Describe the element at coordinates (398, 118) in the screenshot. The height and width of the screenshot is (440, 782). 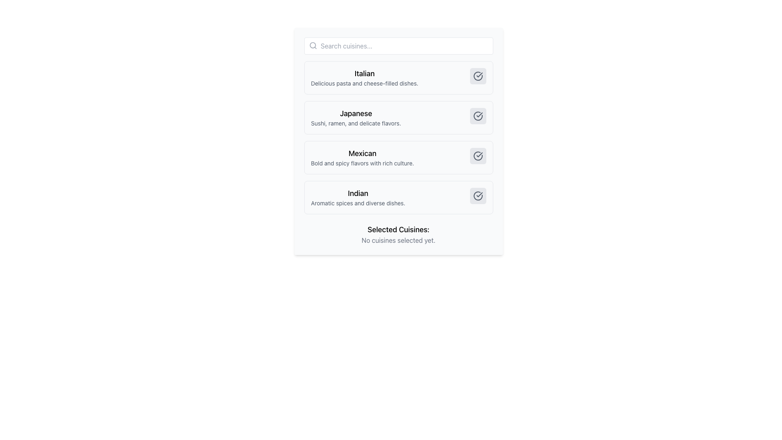
I see `the 'Japanese' card` at that location.